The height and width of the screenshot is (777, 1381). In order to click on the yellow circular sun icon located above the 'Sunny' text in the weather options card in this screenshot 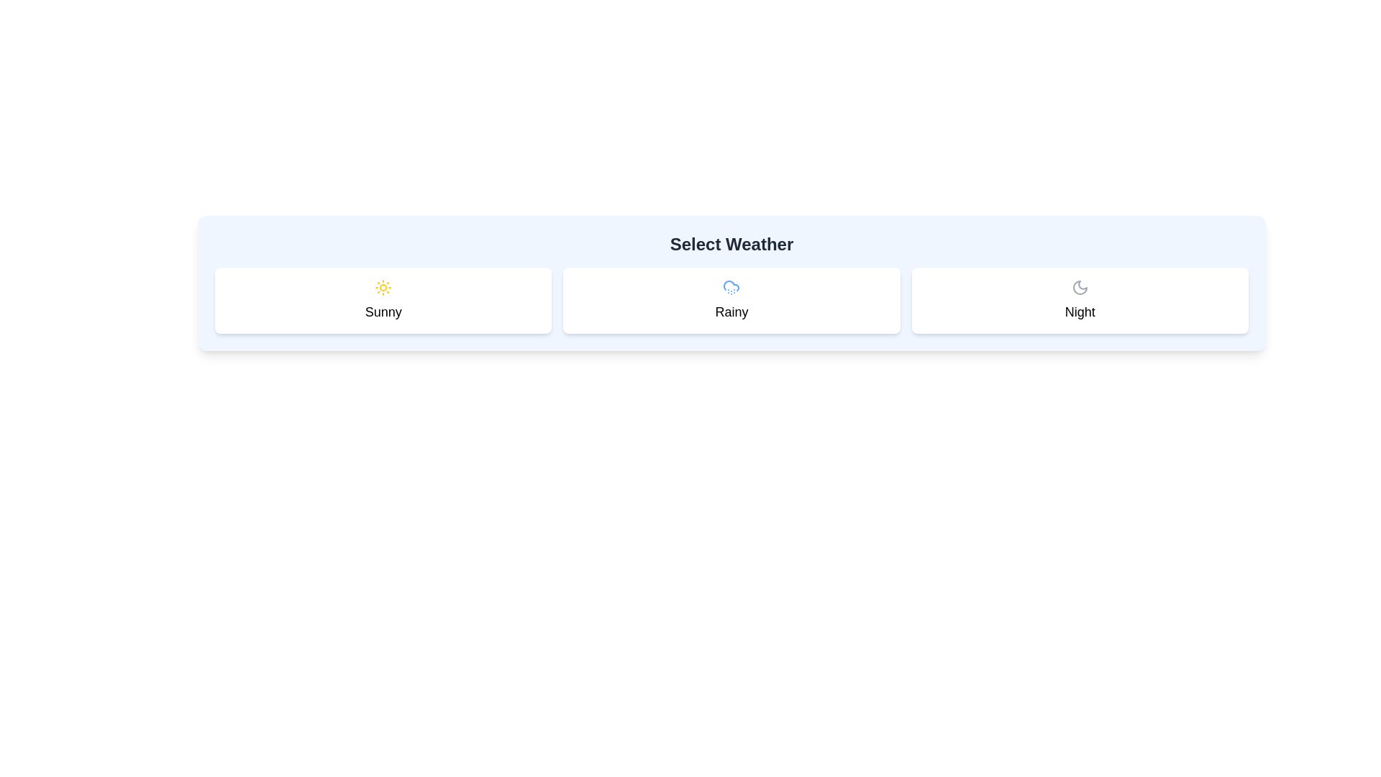, I will do `click(383, 288)`.